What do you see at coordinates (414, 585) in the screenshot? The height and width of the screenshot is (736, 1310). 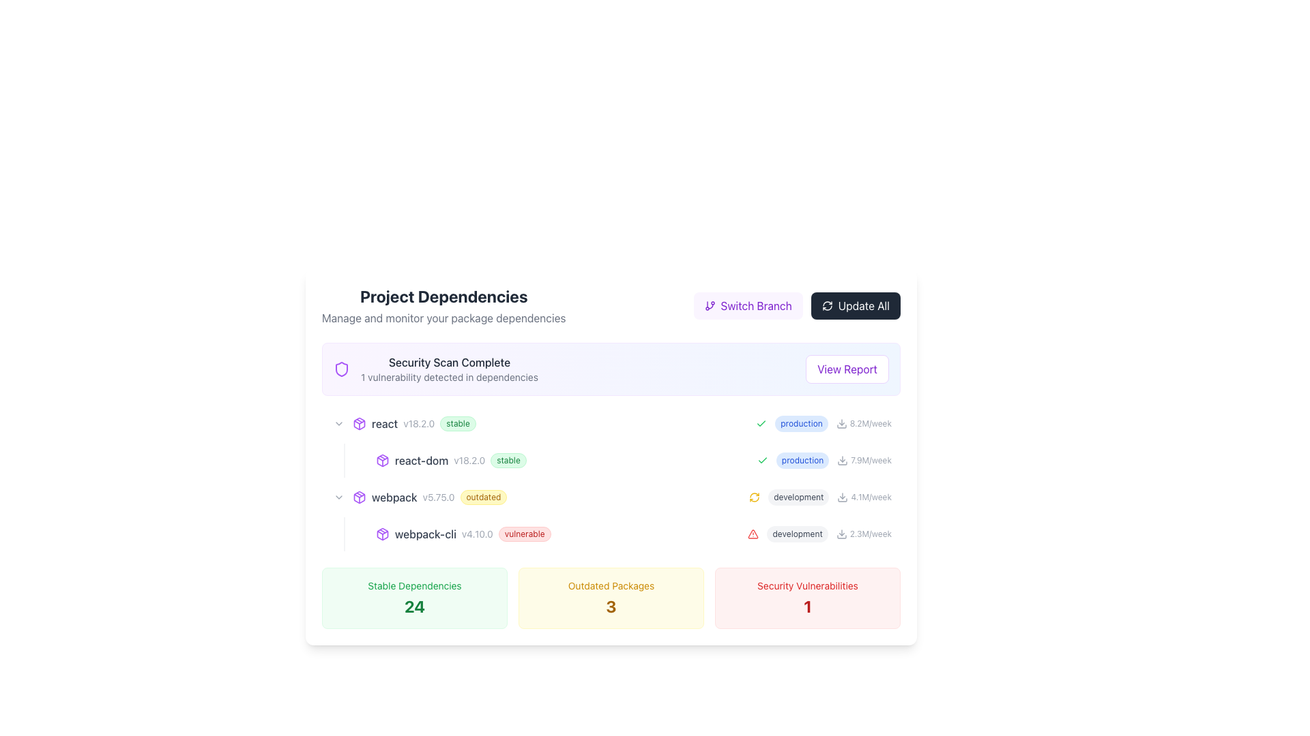 I see `the label element describing the data point represented by the number '24', which is located within a green box towards the bottom left of the interface` at bounding box center [414, 585].